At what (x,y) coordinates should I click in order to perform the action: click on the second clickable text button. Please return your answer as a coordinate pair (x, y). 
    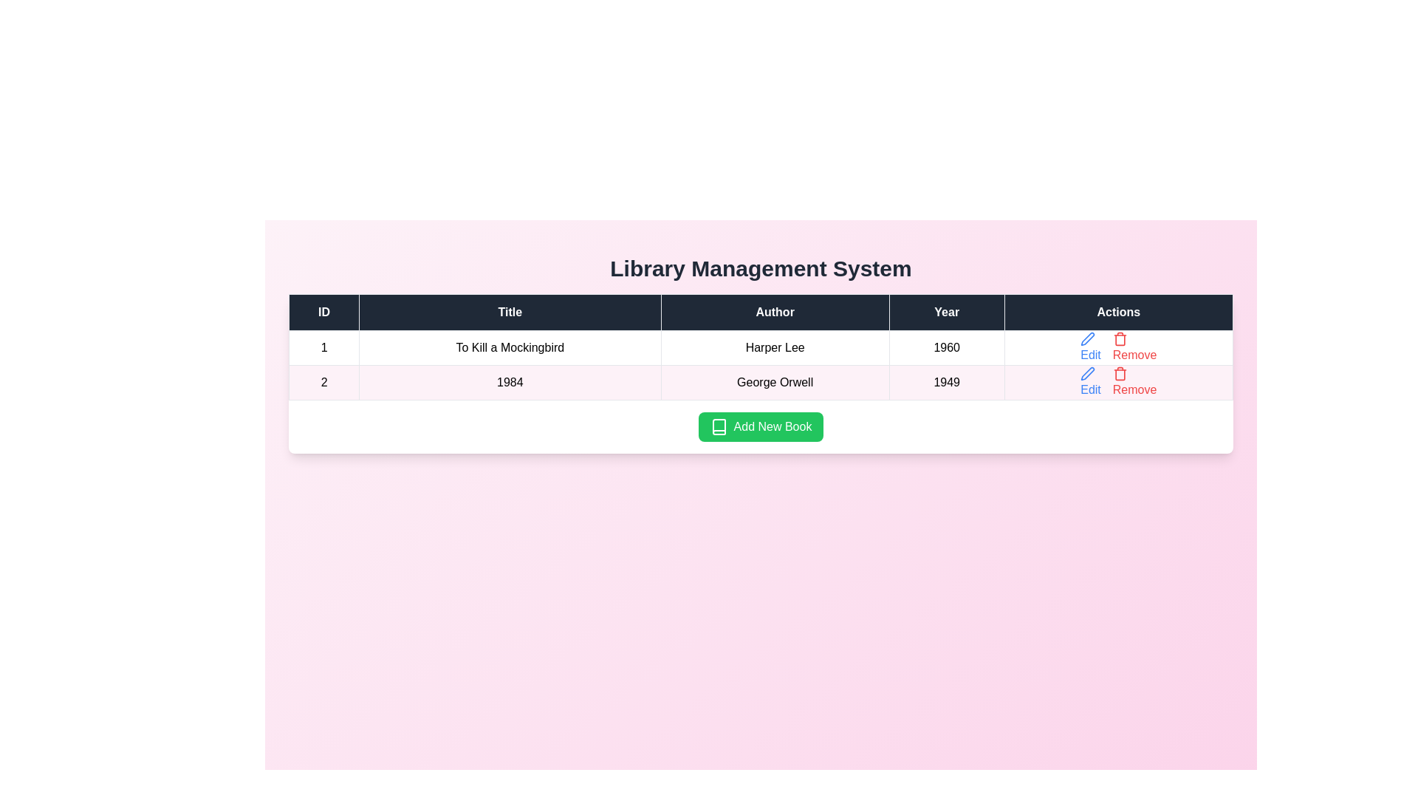
    Looking at the image, I should click on (1134, 381).